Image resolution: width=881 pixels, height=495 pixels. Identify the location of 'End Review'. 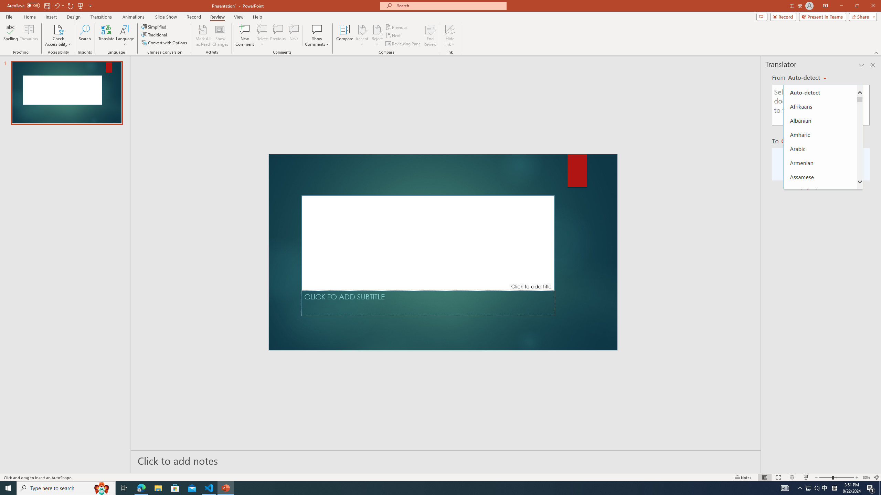
(429, 35).